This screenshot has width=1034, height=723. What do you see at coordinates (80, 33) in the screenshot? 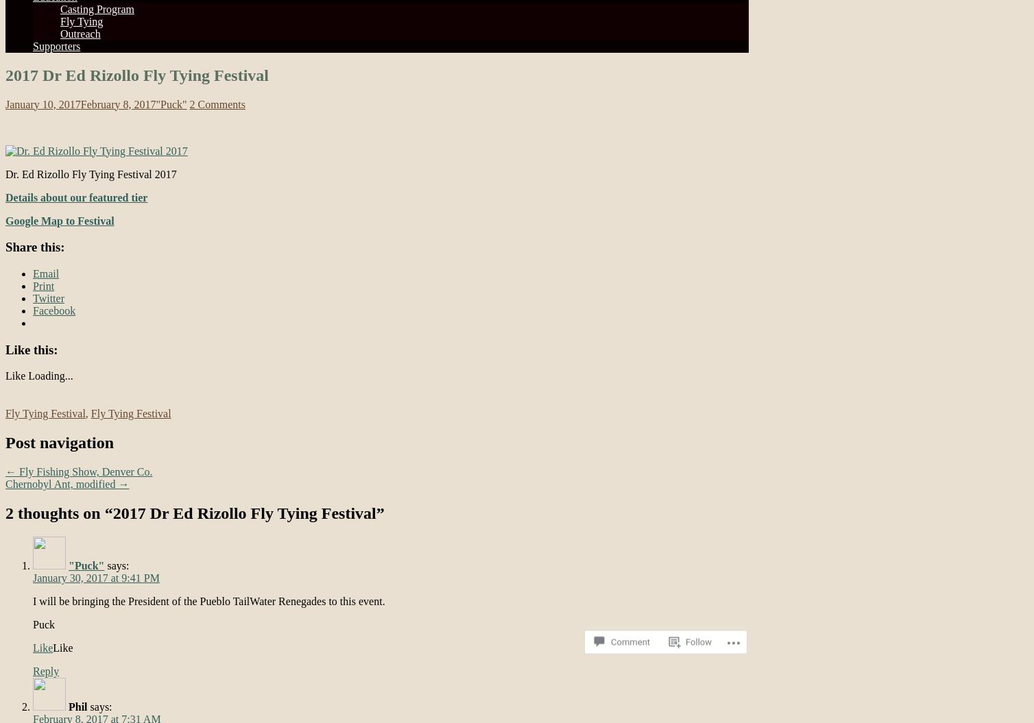
I see `'Outreach'` at bounding box center [80, 33].